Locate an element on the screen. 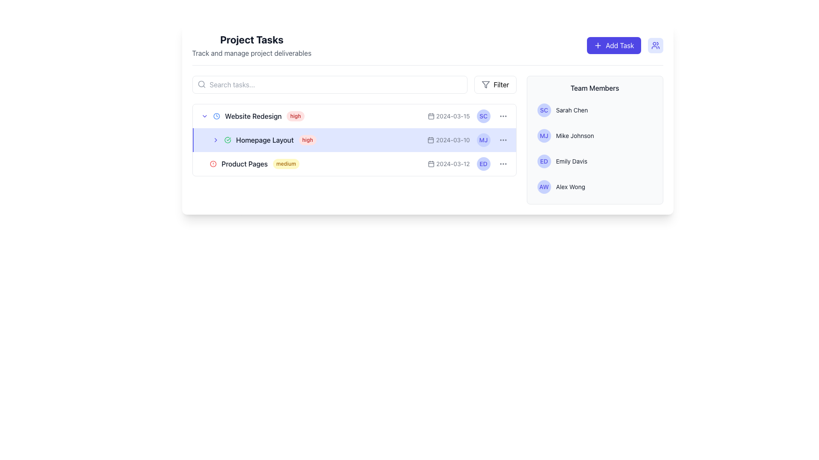  the ellipsis button represented by three vertically aligned dots located in the bottom-right corner of the 'Product Pages' task under the 'Team Members' column is located at coordinates (503, 164).